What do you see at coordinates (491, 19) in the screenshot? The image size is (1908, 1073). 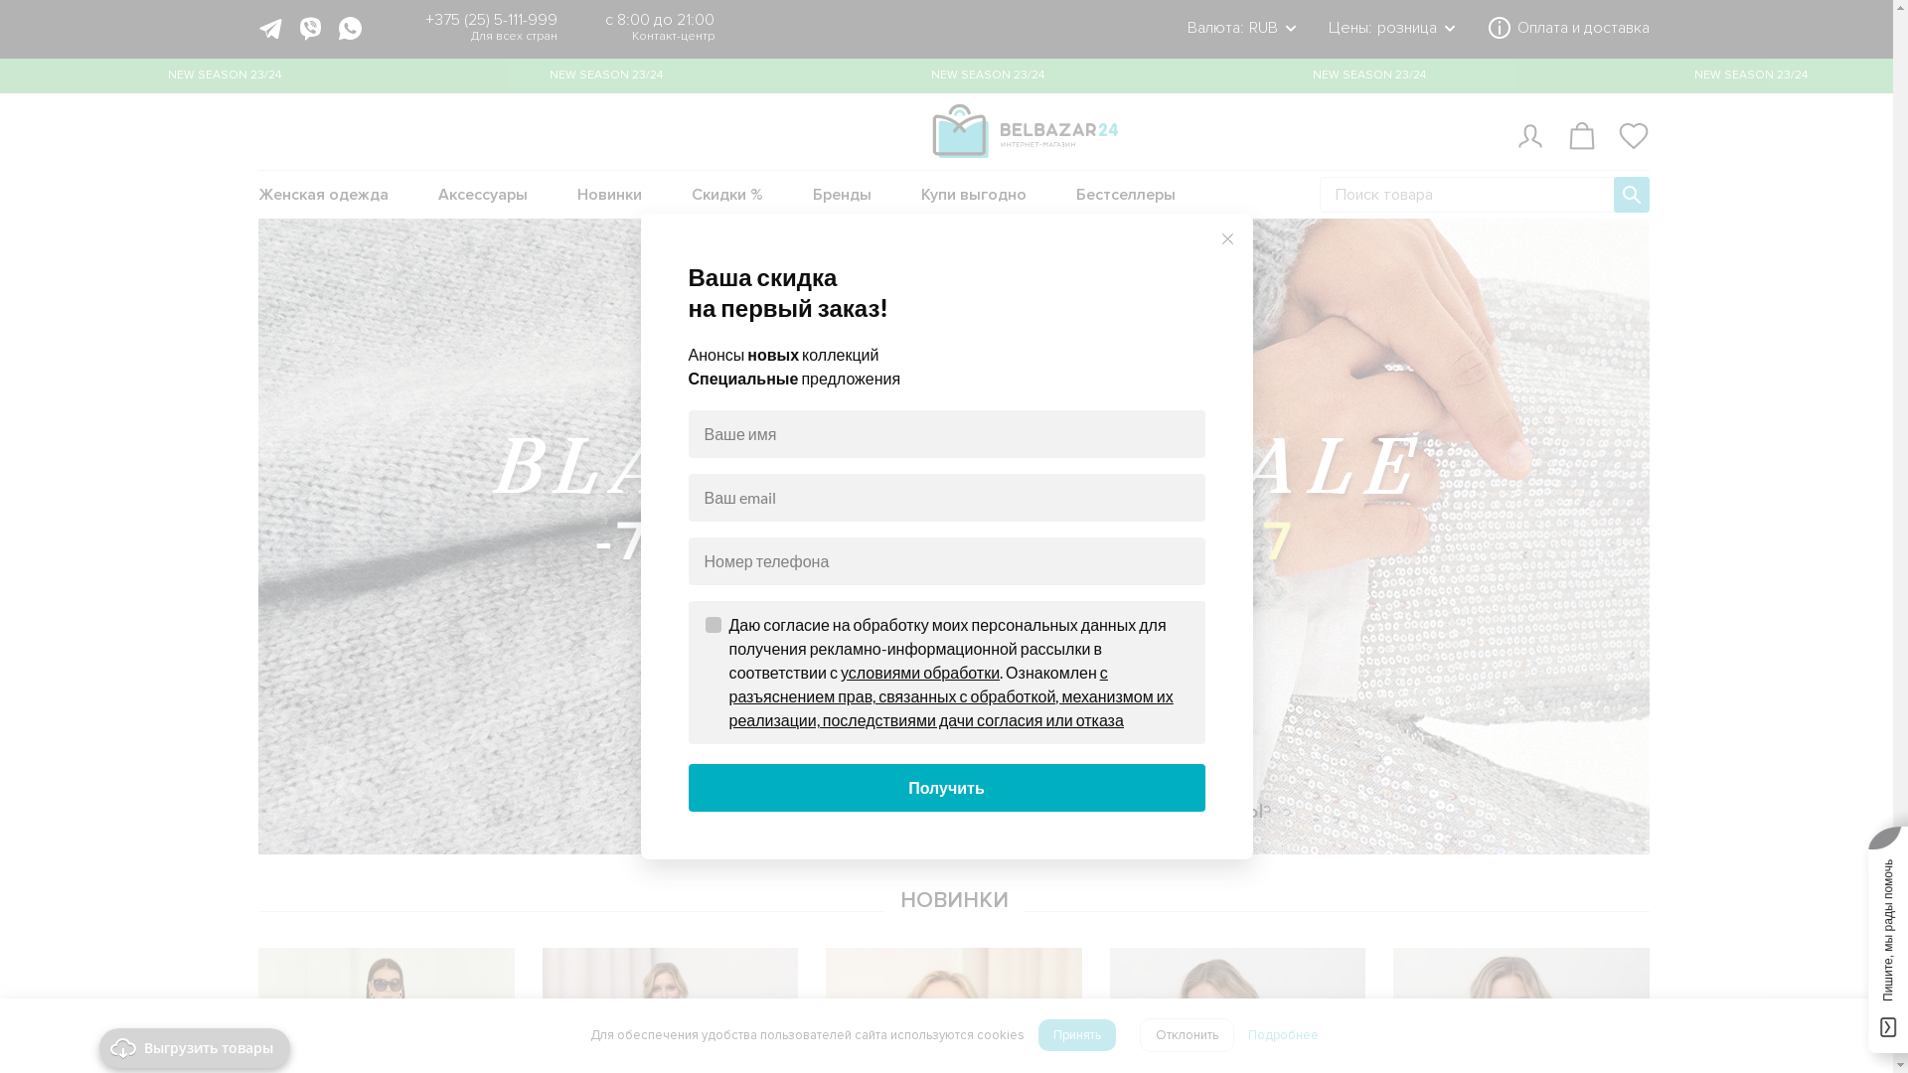 I see `'+375 (25) 5-111-999'` at bounding box center [491, 19].